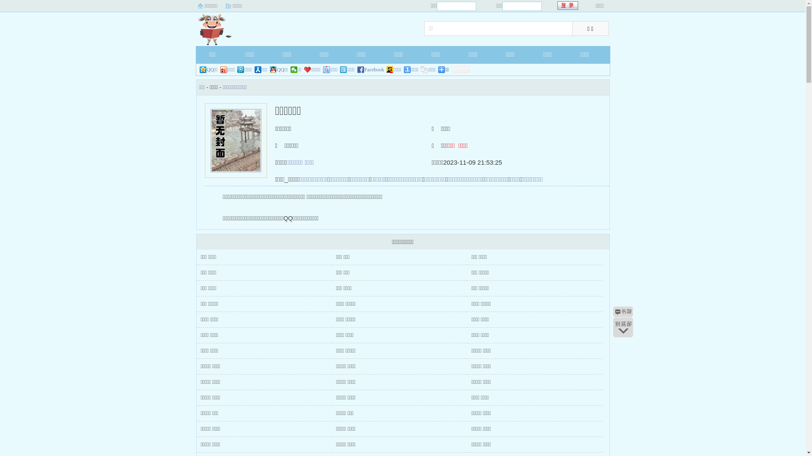 Image resolution: width=812 pixels, height=456 pixels. Describe the element at coordinates (371, 69) in the screenshot. I see `'Facebook'` at that location.